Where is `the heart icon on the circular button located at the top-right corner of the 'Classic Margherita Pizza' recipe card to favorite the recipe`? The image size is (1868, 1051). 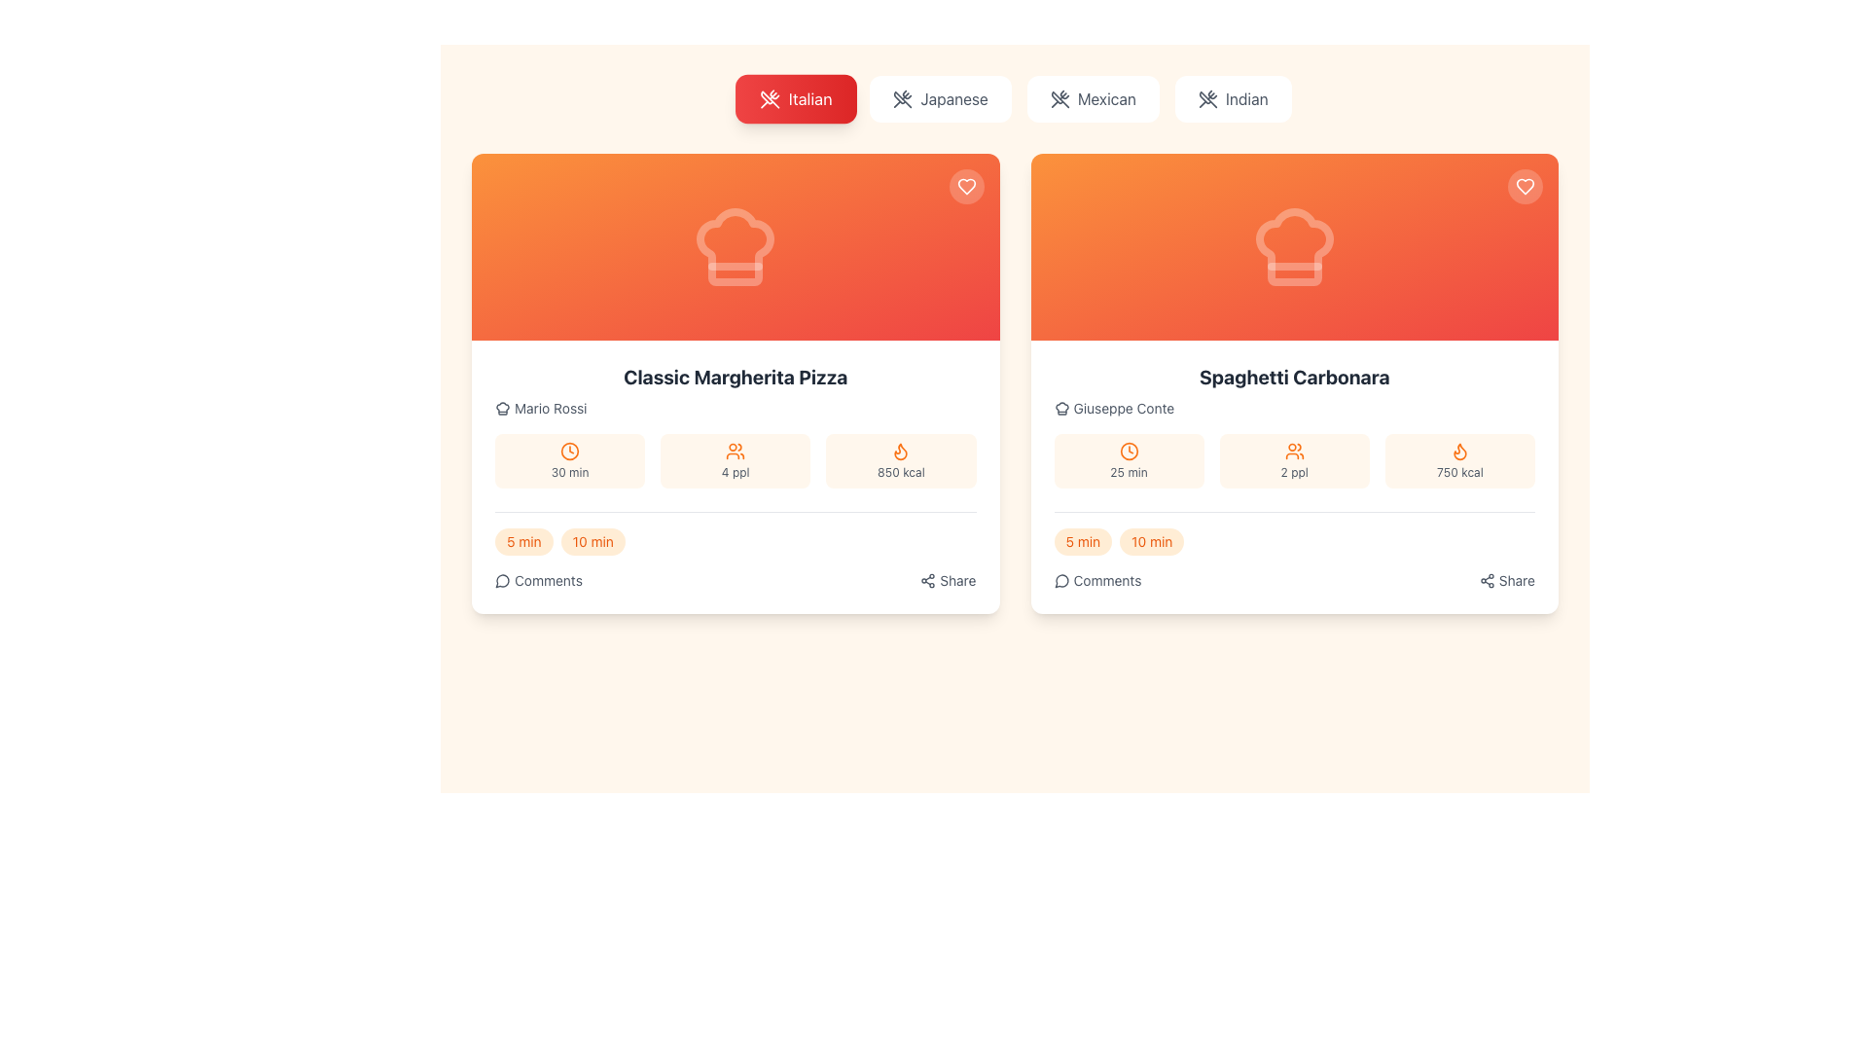
the heart icon on the circular button located at the top-right corner of the 'Classic Margherita Pizza' recipe card to favorite the recipe is located at coordinates (966, 187).